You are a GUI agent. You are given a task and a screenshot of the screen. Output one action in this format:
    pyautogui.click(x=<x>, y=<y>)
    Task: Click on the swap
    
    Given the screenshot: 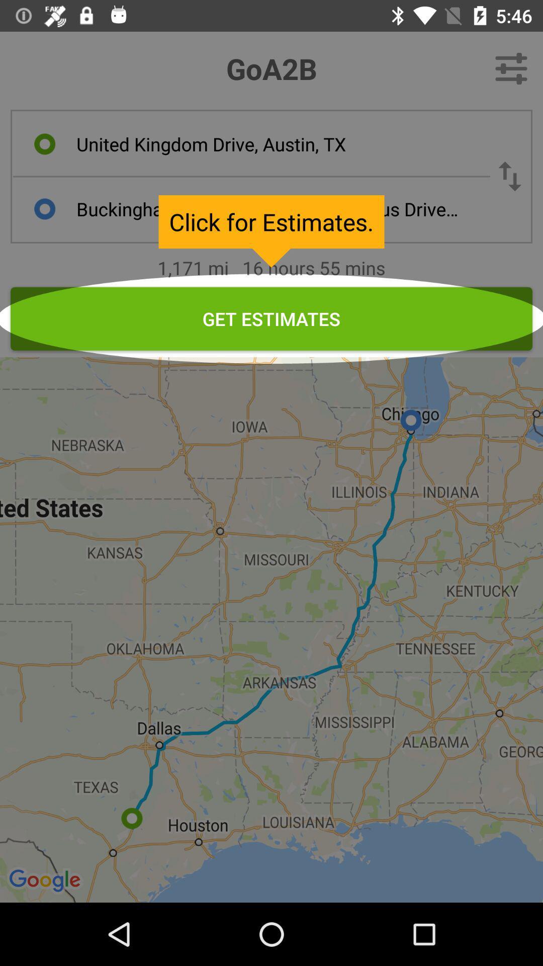 What is the action you would take?
    pyautogui.click(x=510, y=176)
    